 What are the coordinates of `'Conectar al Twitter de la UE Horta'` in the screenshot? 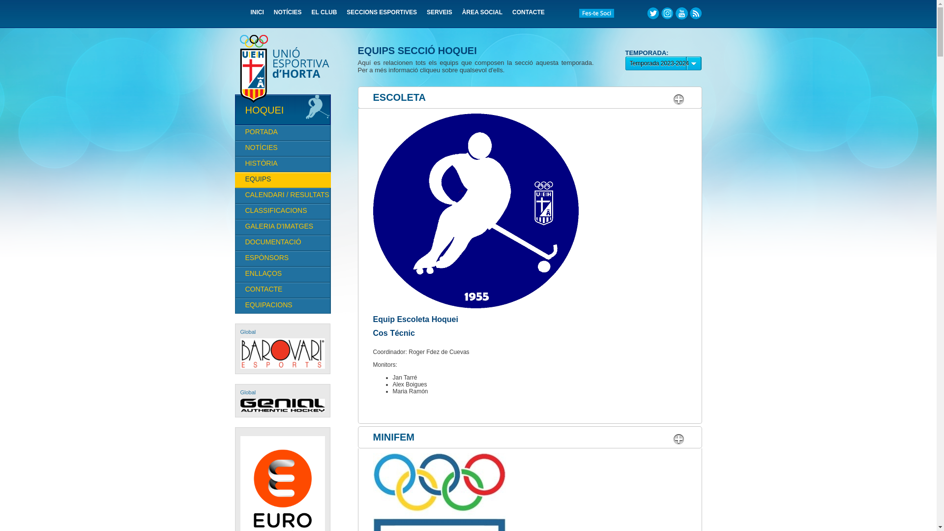 It's located at (647, 13).